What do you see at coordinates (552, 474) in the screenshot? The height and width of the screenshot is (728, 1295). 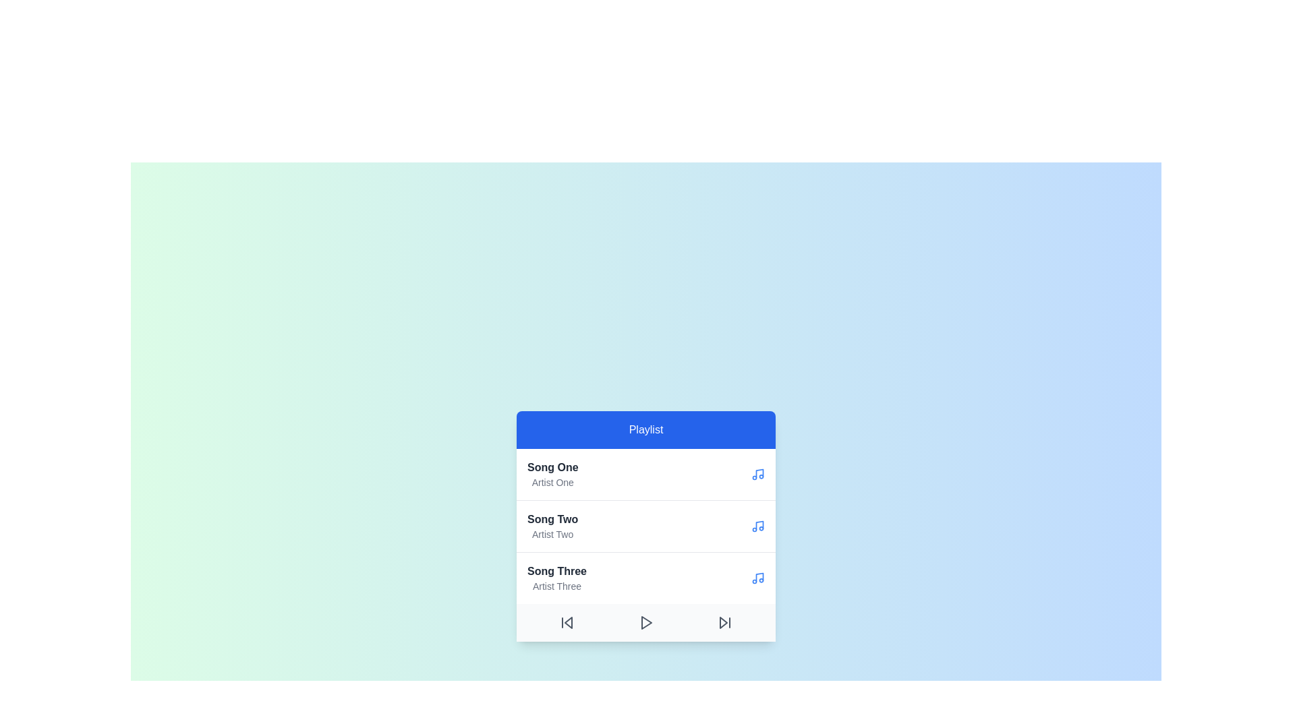 I see `the song titled Song One by Artist One from the playlist` at bounding box center [552, 474].